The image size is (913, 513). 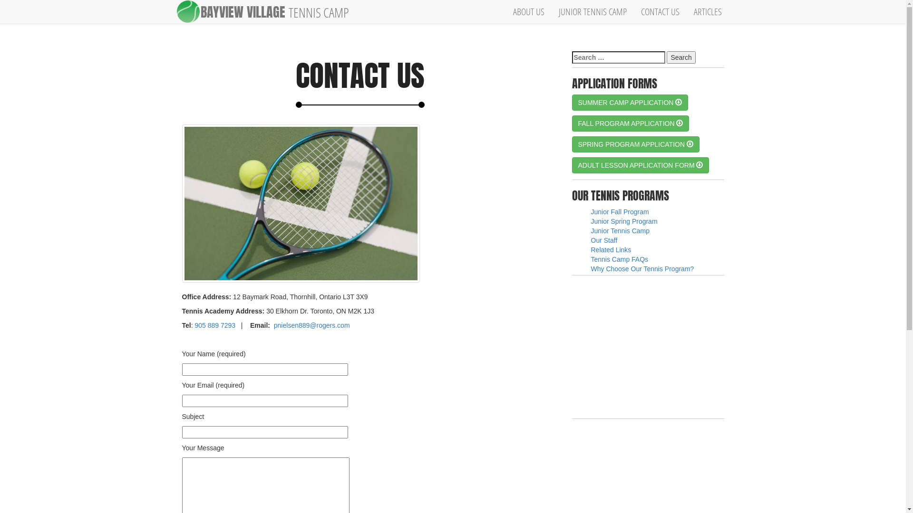 I want to click on 'Tennis Camp FAQs', so click(x=619, y=259).